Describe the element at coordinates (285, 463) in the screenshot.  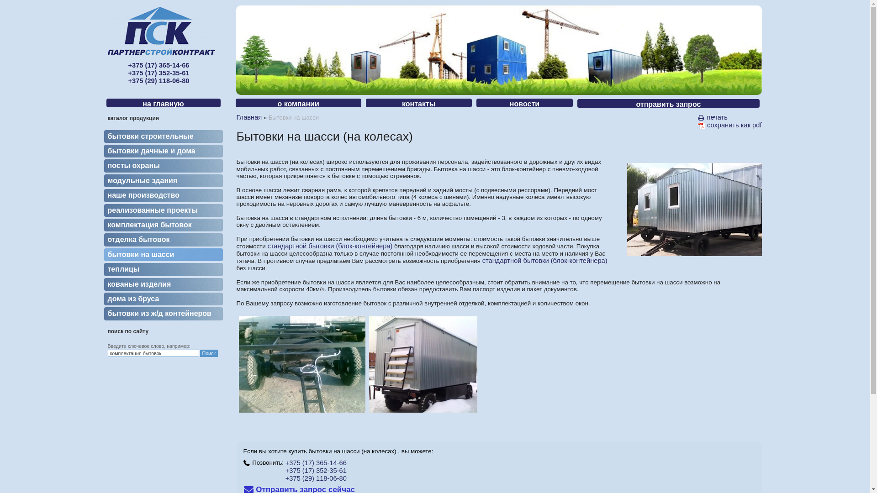
I see `'+375 (17) 365-14-66'` at that location.